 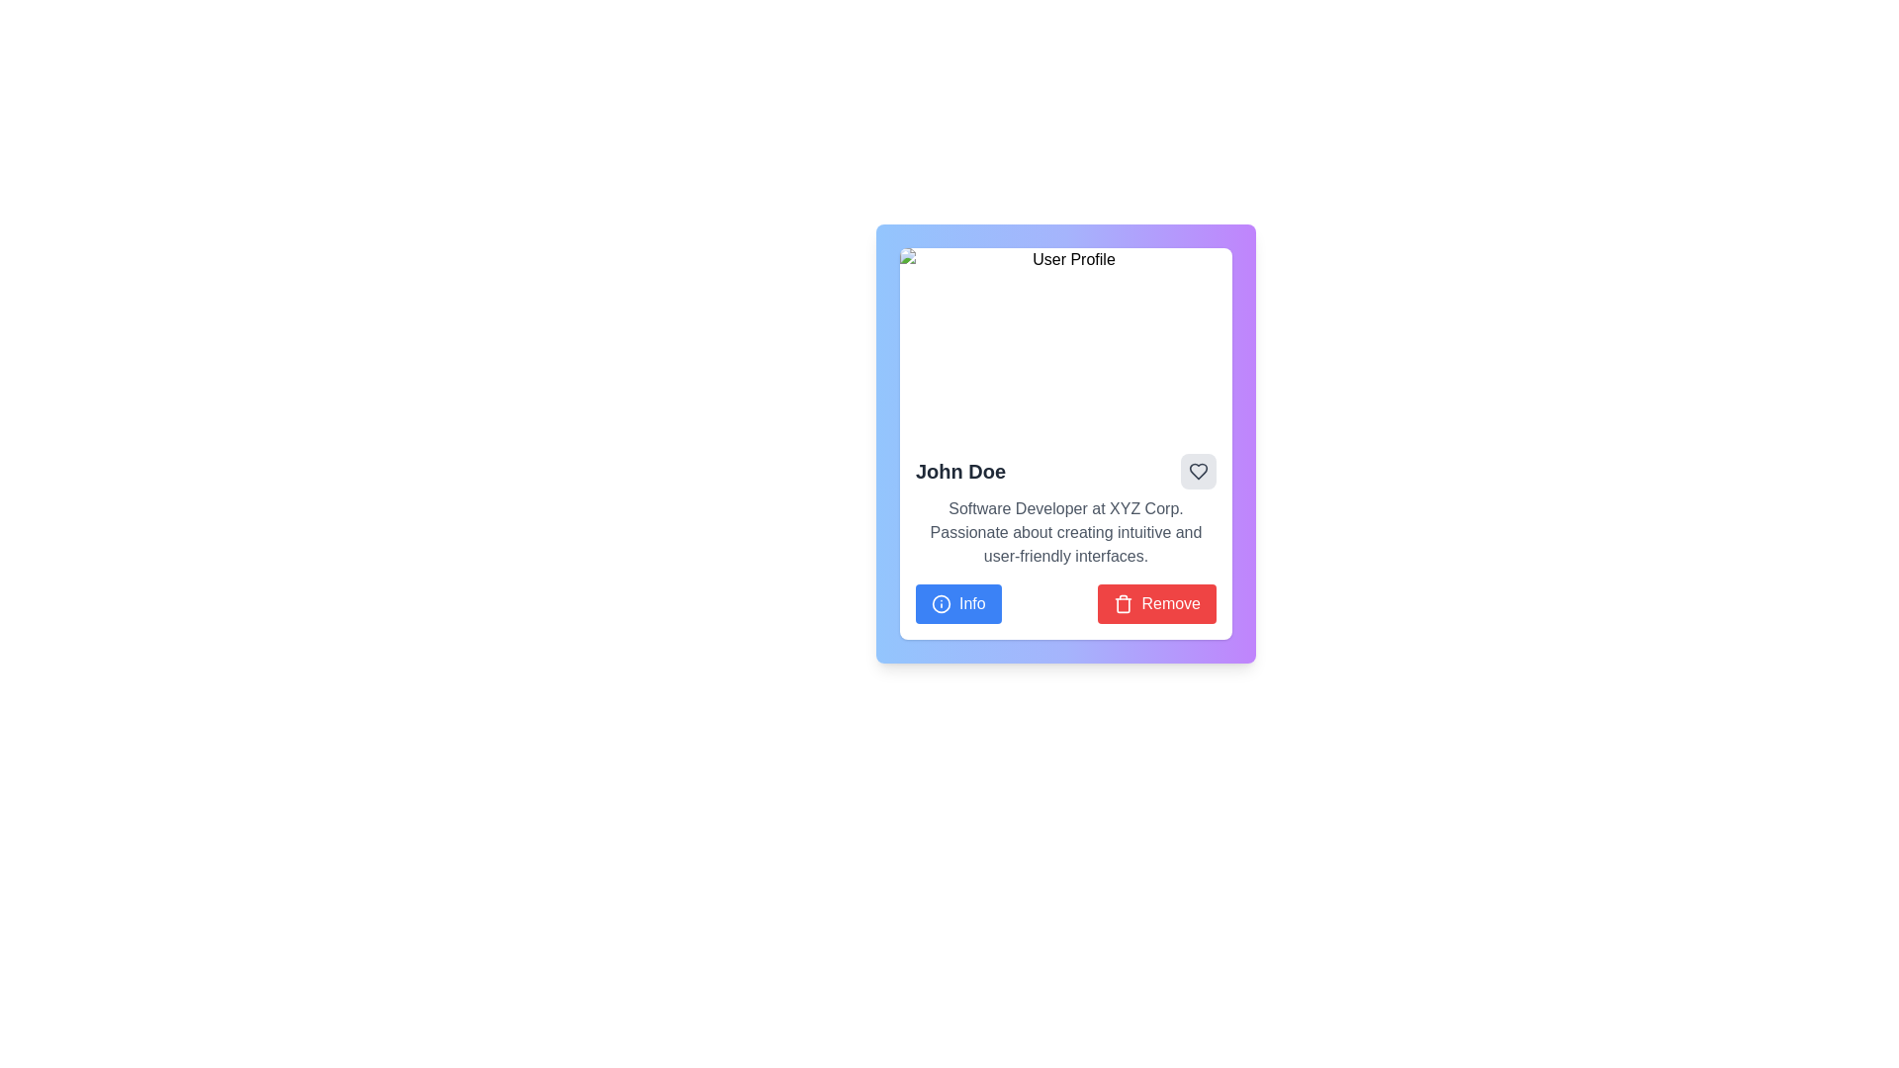 What do you see at coordinates (1124, 602) in the screenshot?
I see `the trash bin icon within the red 'Remove' button` at bounding box center [1124, 602].